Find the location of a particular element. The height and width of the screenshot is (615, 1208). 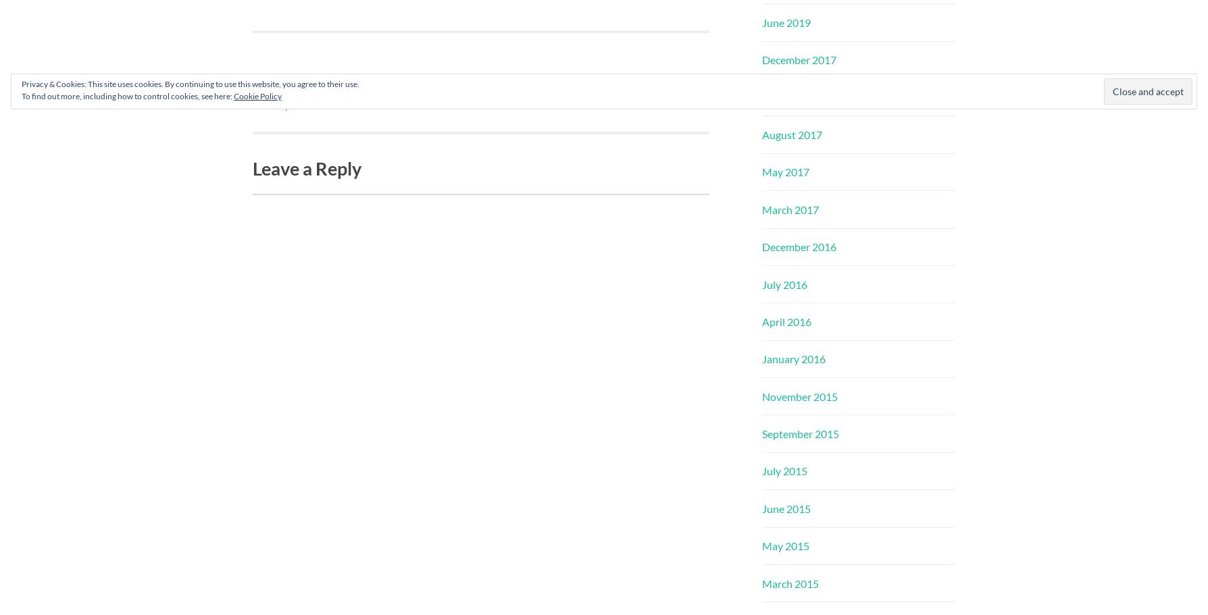

'July 2016' is located at coordinates (784, 283).